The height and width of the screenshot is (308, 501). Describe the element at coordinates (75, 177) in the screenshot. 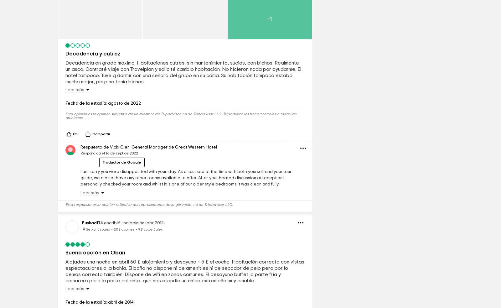

I see `'Útil'` at that location.